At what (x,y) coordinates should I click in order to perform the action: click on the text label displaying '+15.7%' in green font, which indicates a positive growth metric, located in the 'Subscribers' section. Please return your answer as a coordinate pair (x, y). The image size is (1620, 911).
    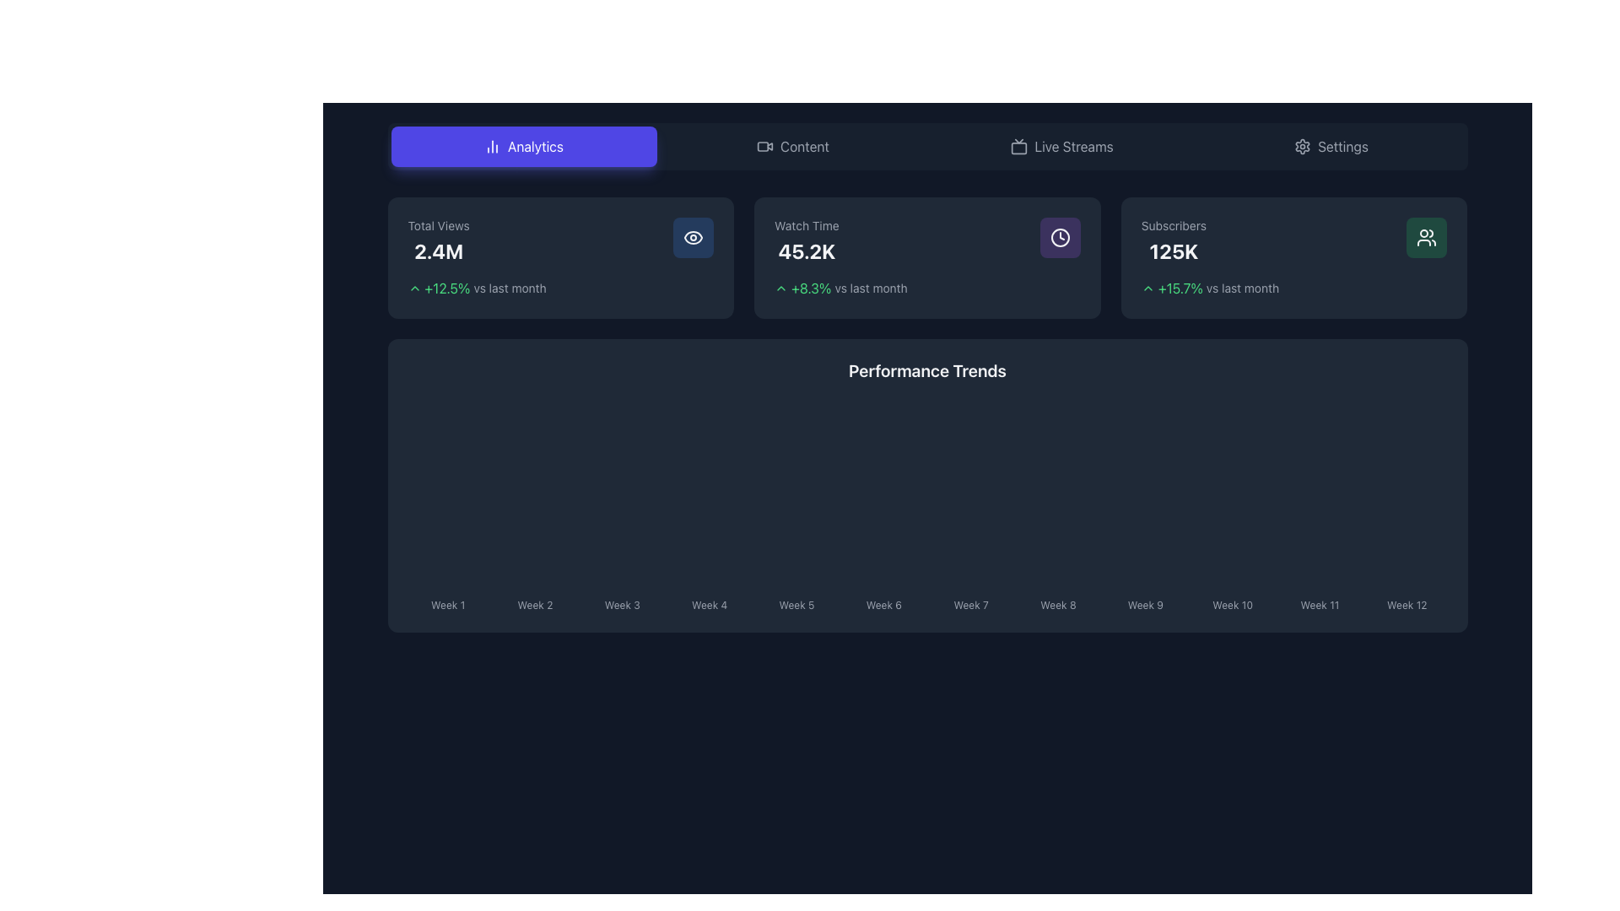
    Looking at the image, I should click on (1180, 288).